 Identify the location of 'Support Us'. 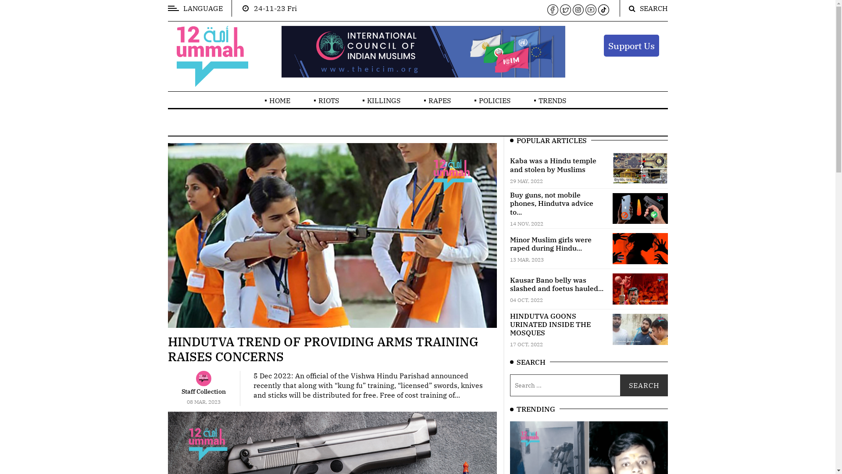
(631, 46).